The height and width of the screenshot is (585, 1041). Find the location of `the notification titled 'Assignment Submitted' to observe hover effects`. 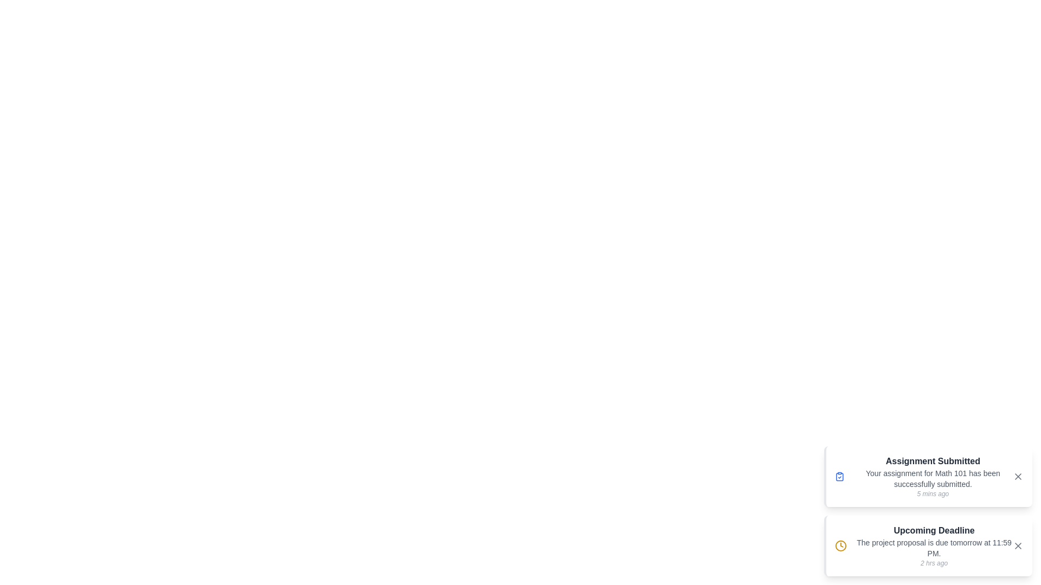

the notification titled 'Assignment Submitted' to observe hover effects is located at coordinates (928, 476).